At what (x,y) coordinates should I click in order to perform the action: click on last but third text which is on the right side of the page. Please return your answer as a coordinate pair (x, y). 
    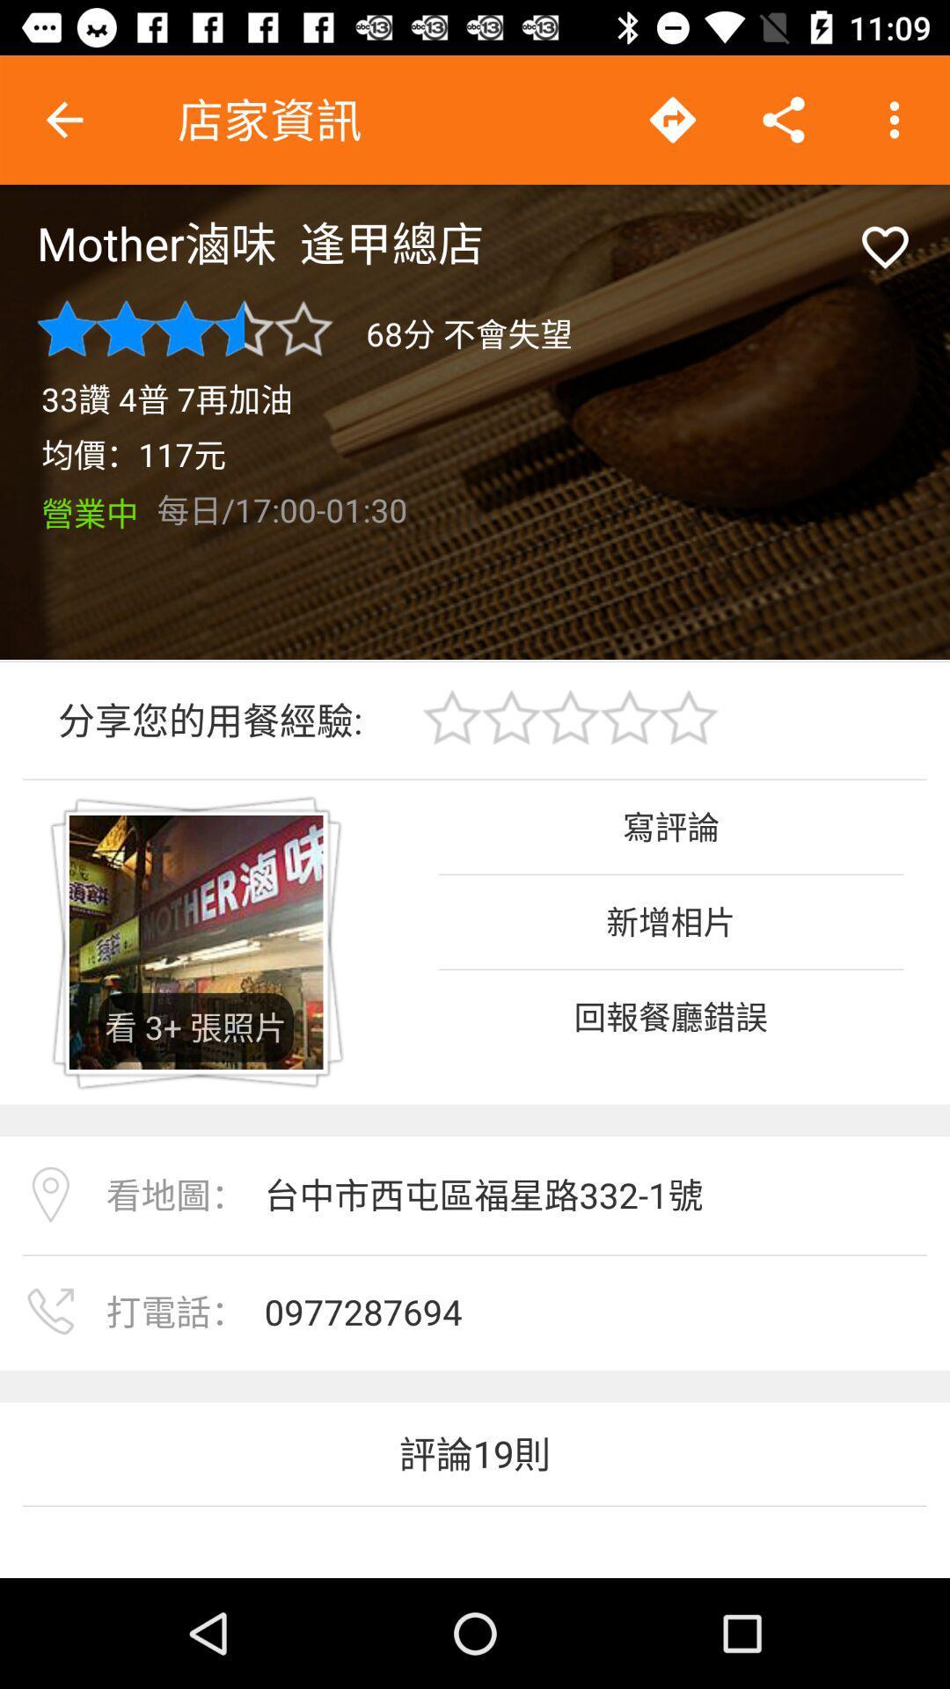
    Looking at the image, I should click on (671, 1016).